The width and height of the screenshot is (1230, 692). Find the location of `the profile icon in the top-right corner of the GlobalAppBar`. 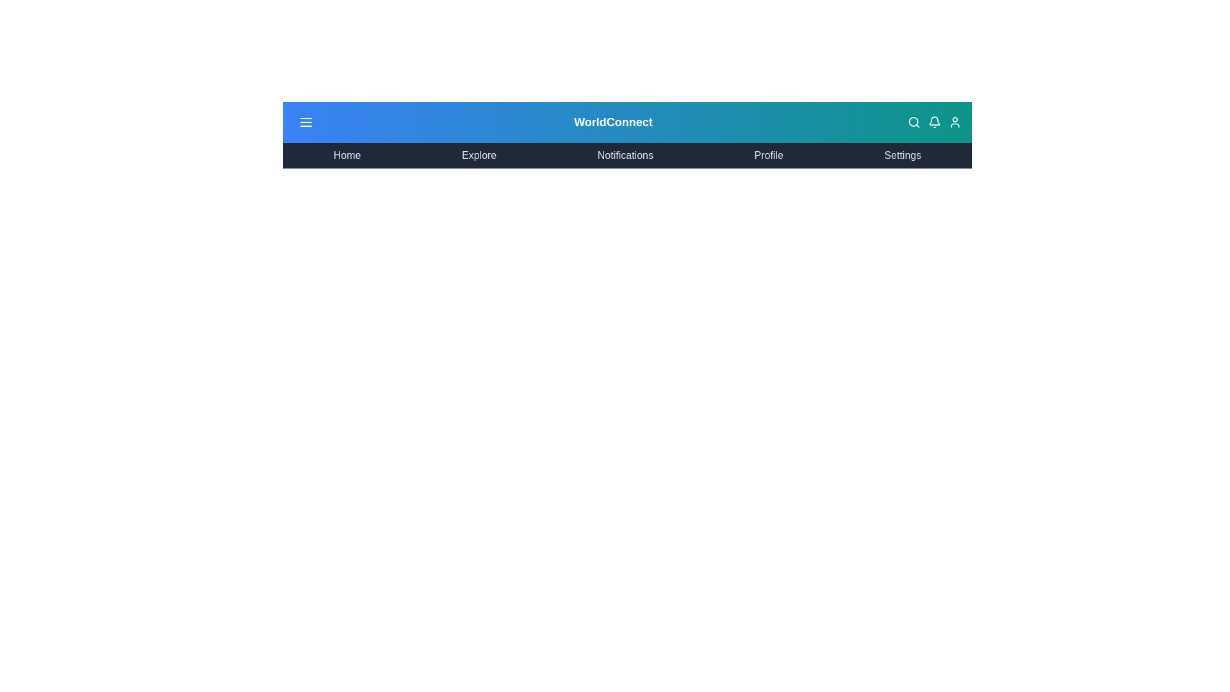

the profile icon in the top-right corner of the GlobalAppBar is located at coordinates (955, 122).